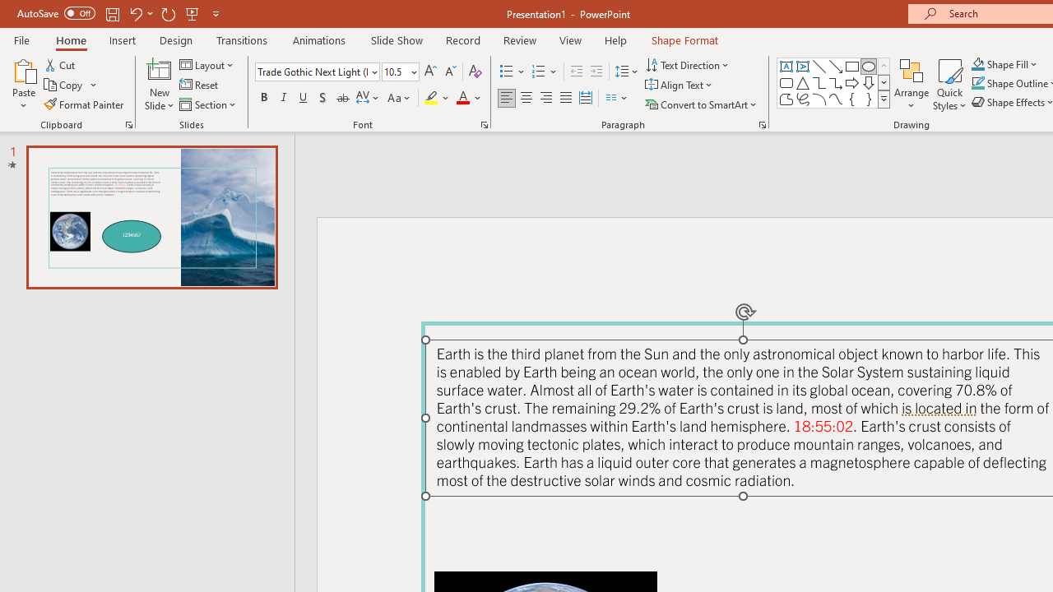 This screenshot has height=592, width=1053. I want to click on 'Shape Outline Teal, Accent 1', so click(978, 83).